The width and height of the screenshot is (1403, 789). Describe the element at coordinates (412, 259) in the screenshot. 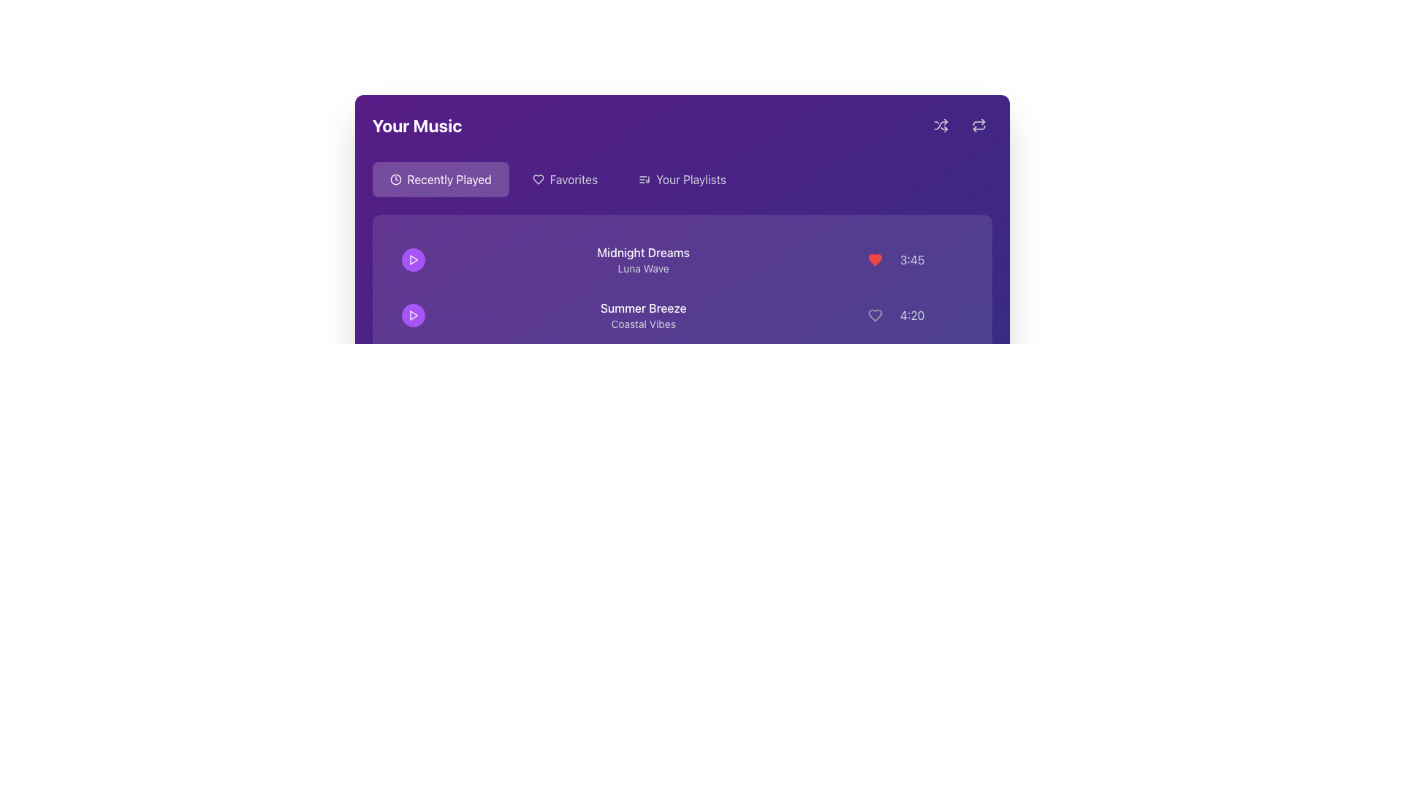

I see `the play button for the song 'Midnight Dreams' located at the top portion of the song list, right-aligned to the song's title to initiate playback` at that location.